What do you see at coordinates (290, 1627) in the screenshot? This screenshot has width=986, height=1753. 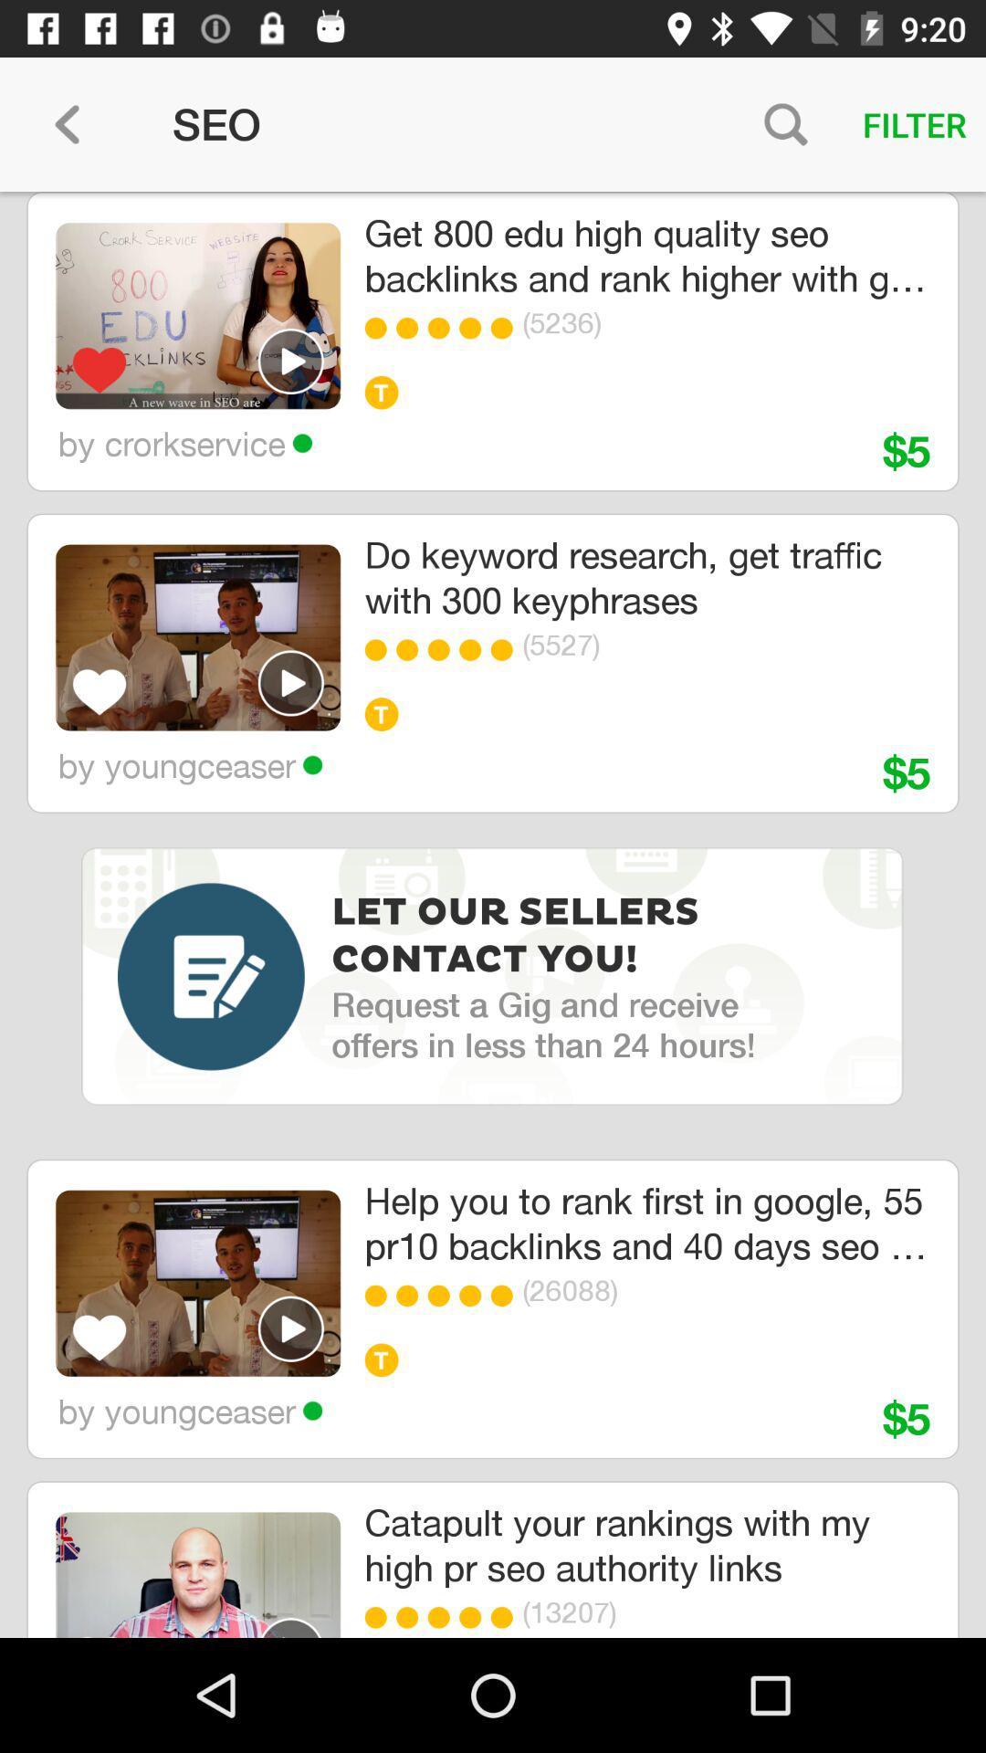 I see `video` at bounding box center [290, 1627].